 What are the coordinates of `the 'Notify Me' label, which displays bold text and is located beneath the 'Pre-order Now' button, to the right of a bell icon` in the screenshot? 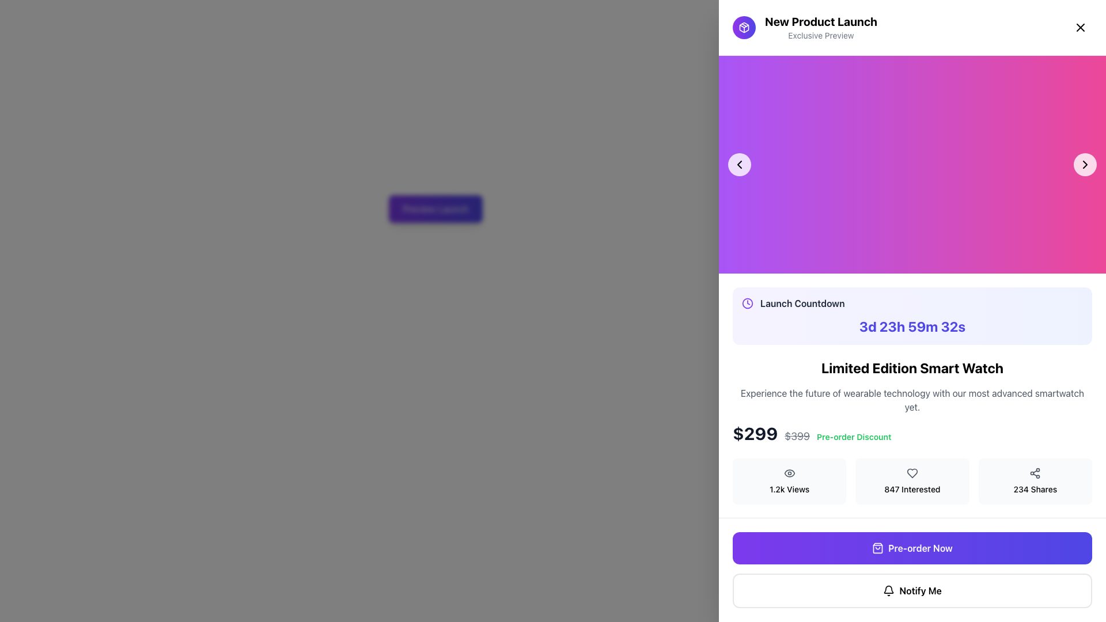 It's located at (920, 591).